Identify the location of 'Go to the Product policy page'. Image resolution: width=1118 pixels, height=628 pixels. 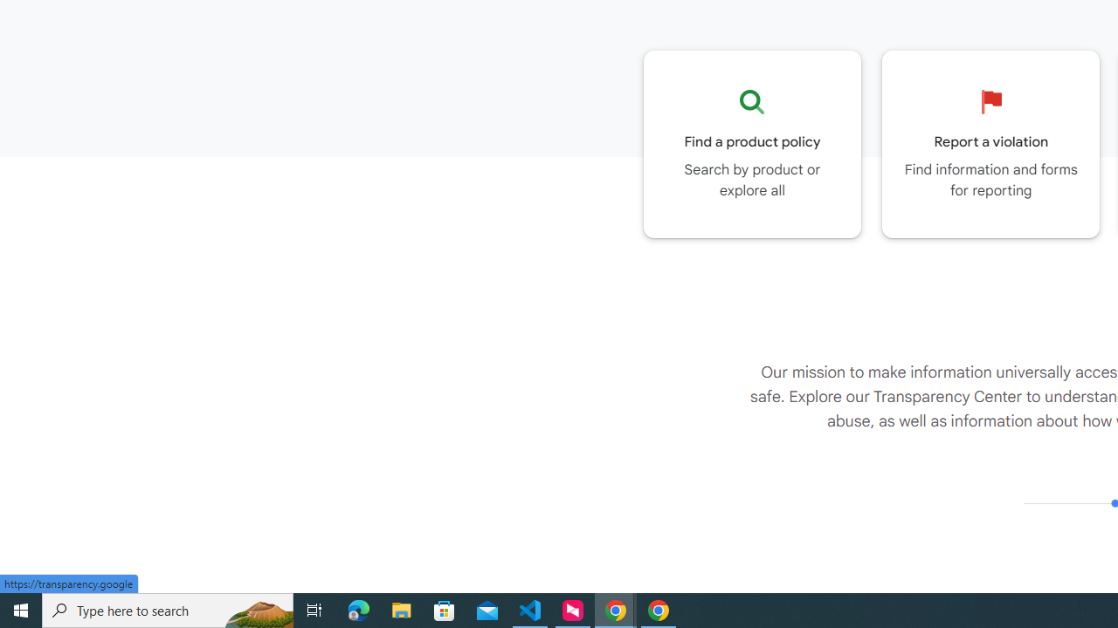
(752, 143).